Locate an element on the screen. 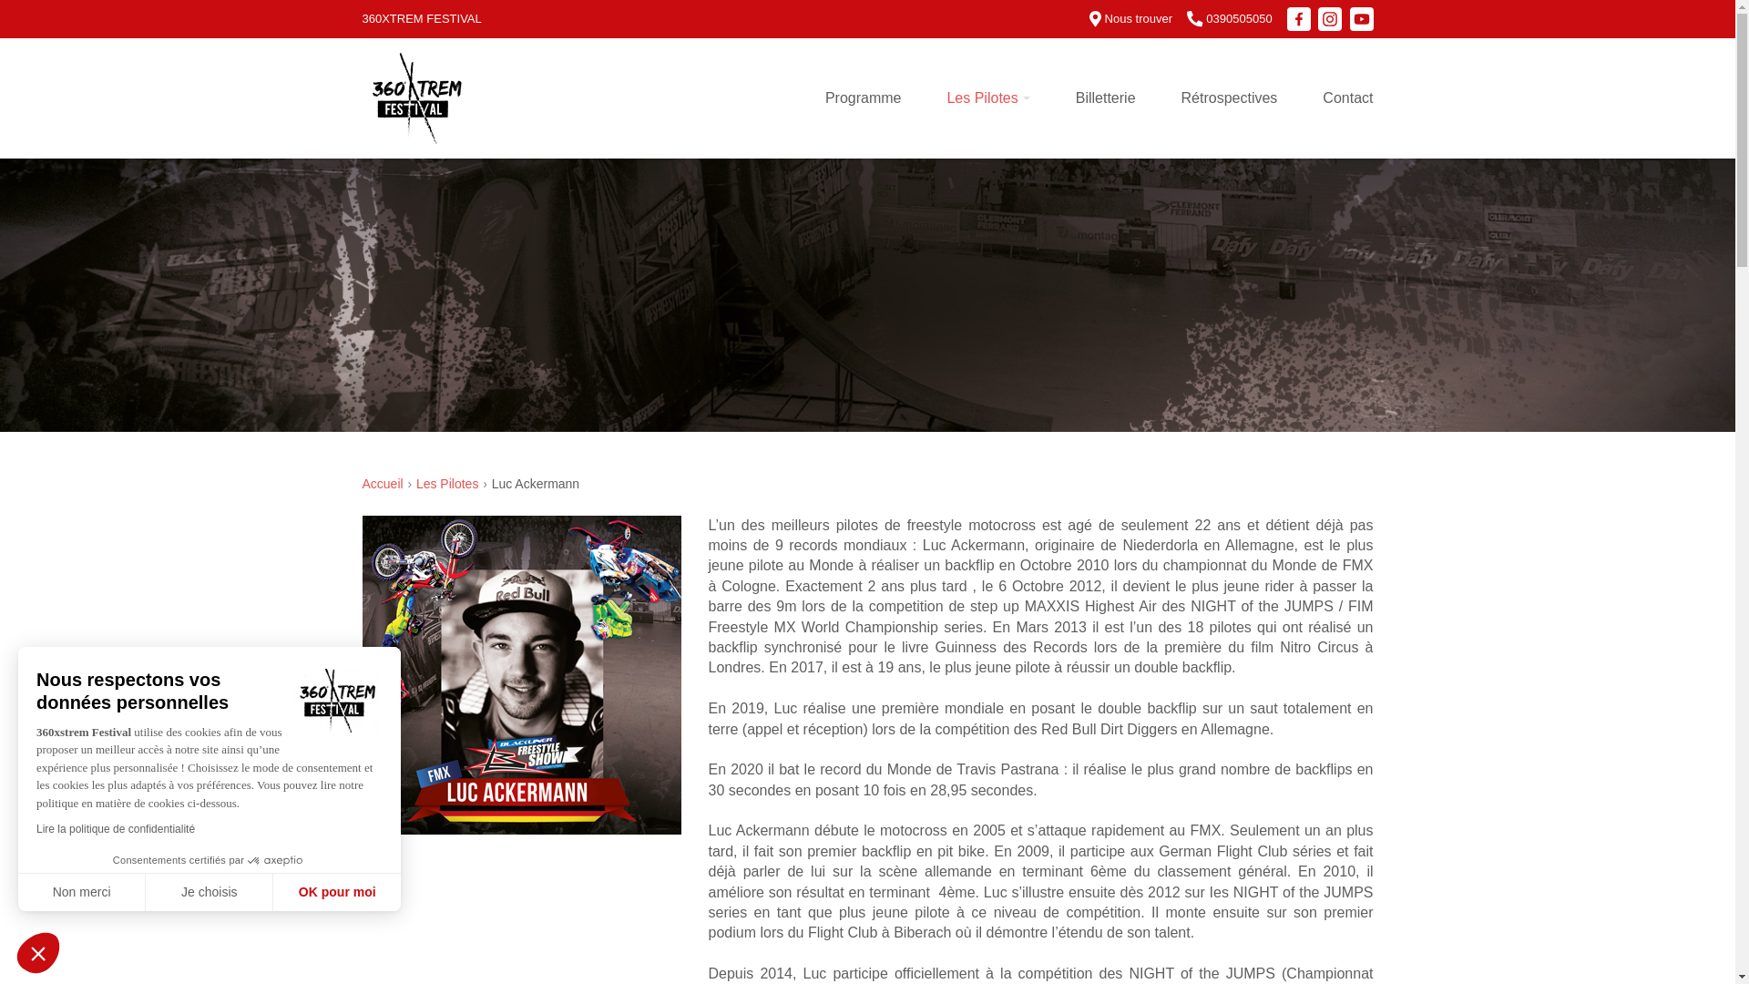  'Non merci' is located at coordinates (81, 891).